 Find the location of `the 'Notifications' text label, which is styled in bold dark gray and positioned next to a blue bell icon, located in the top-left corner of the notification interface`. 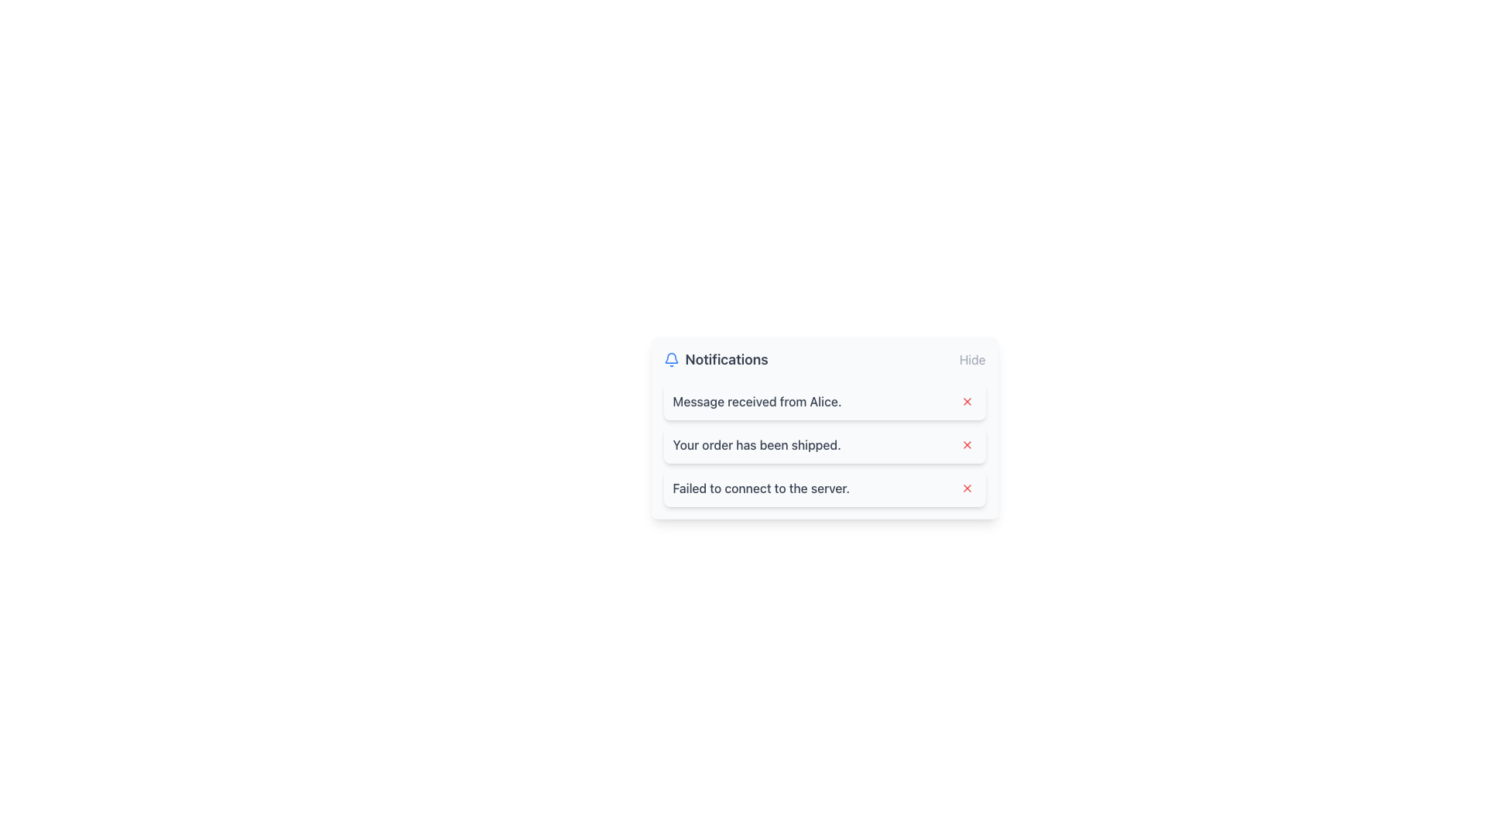

the 'Notifications' text label, which is styled in bold dark gray and positioned next to a blue bell icon, located in the top-left corner of the notification interface is located at coordinates (715, 360).